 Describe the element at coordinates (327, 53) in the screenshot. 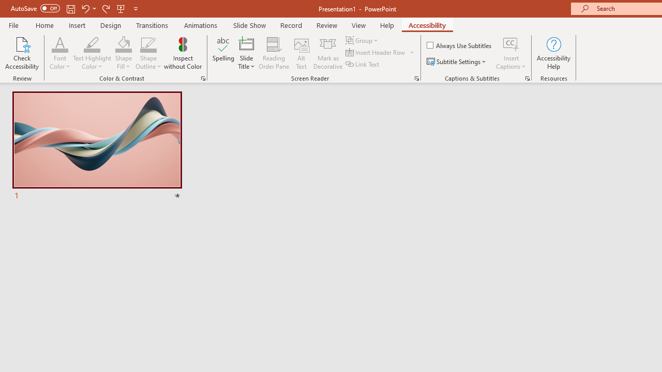

I see `'Mark as Decorative'` at that location.